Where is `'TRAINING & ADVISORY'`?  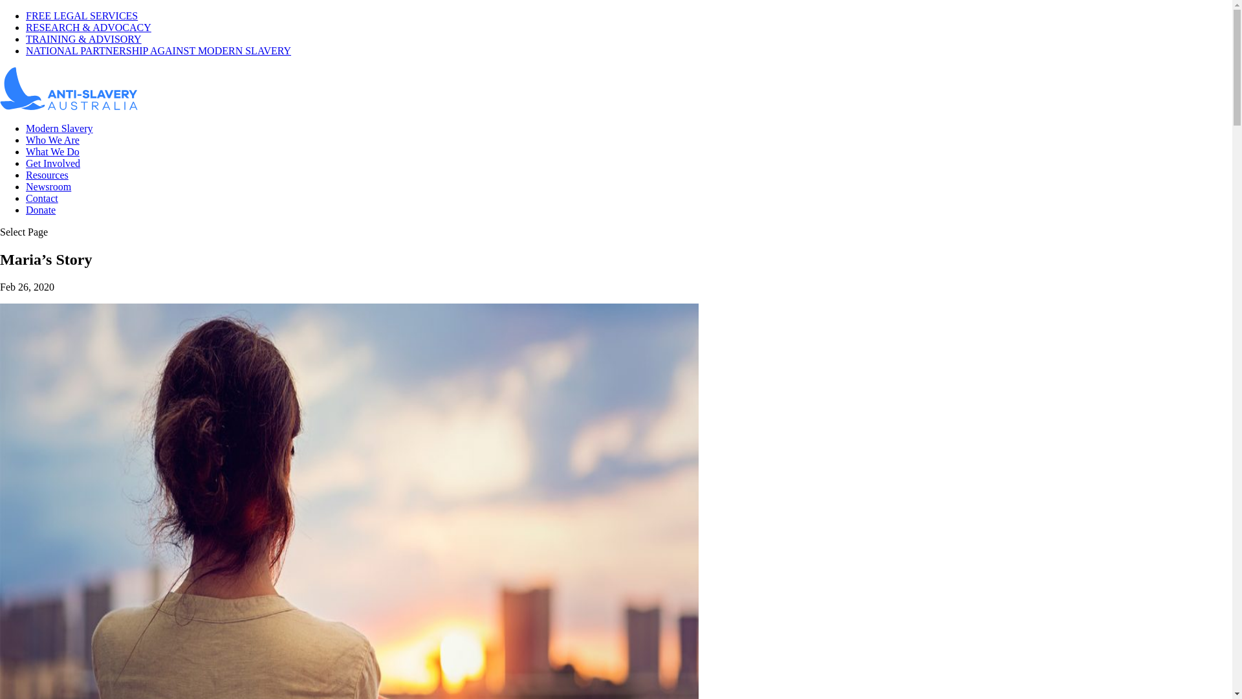
'TRAINING & ADVISORY' is located at coordinates (83, 38).